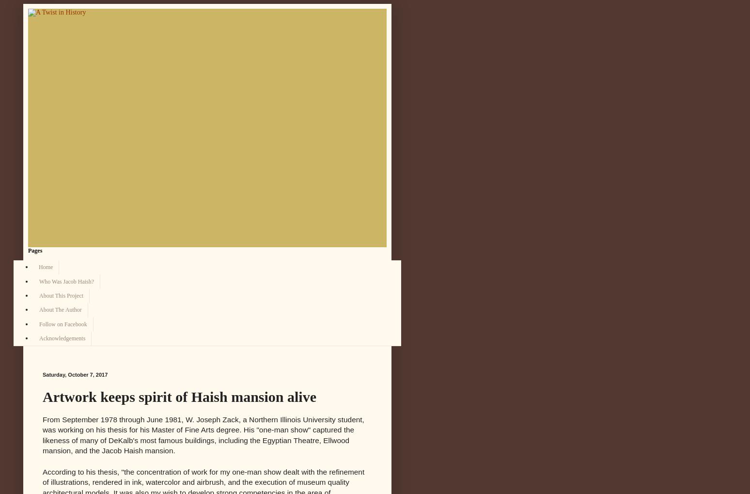 This screenshot has height=494, width=750. I want to click on 'Follow on Facebook', so click(63, 323).